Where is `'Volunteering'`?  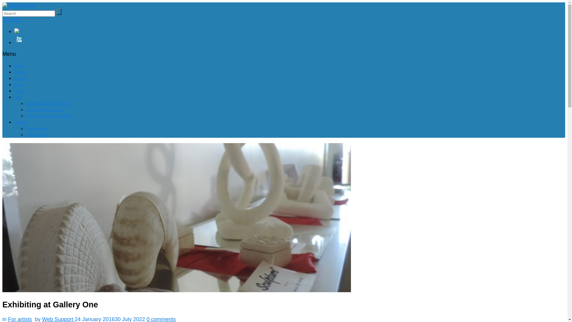 'Volunteering' is located at coordinates (26, 135).